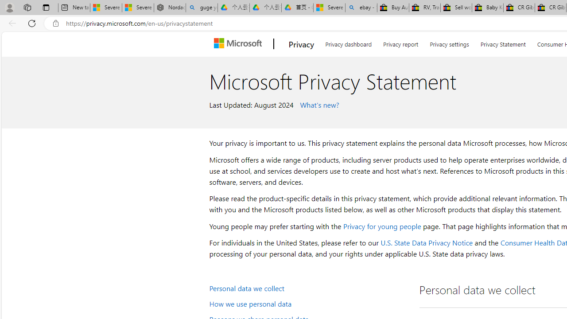  Describe the element at coordinates (427, 242) in the screenshot. I see `'U.S. State Data Privacy Notice'` at that location.